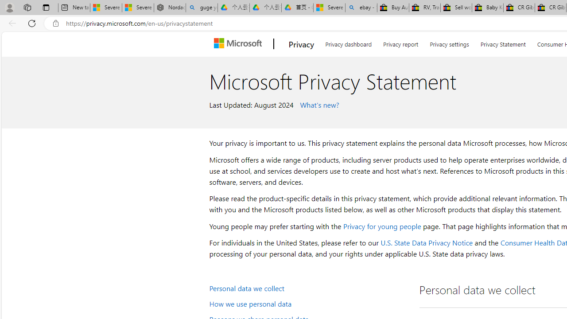  Describe the element at coordinates (427, 242) in the screenshot. I see `'U.S. State Data Privacy Notice'` at that location.